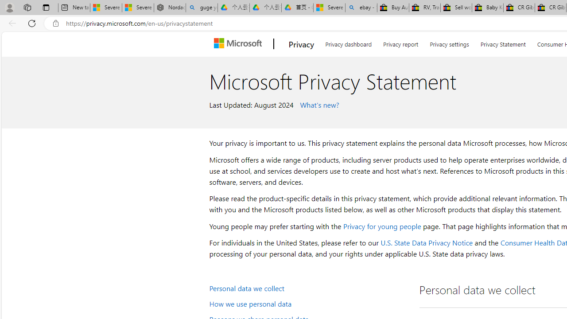  Describe the element at coordinates (427, 242) in the screenshot. I see `'U.S. State Data Privacy Notice'` at that location.